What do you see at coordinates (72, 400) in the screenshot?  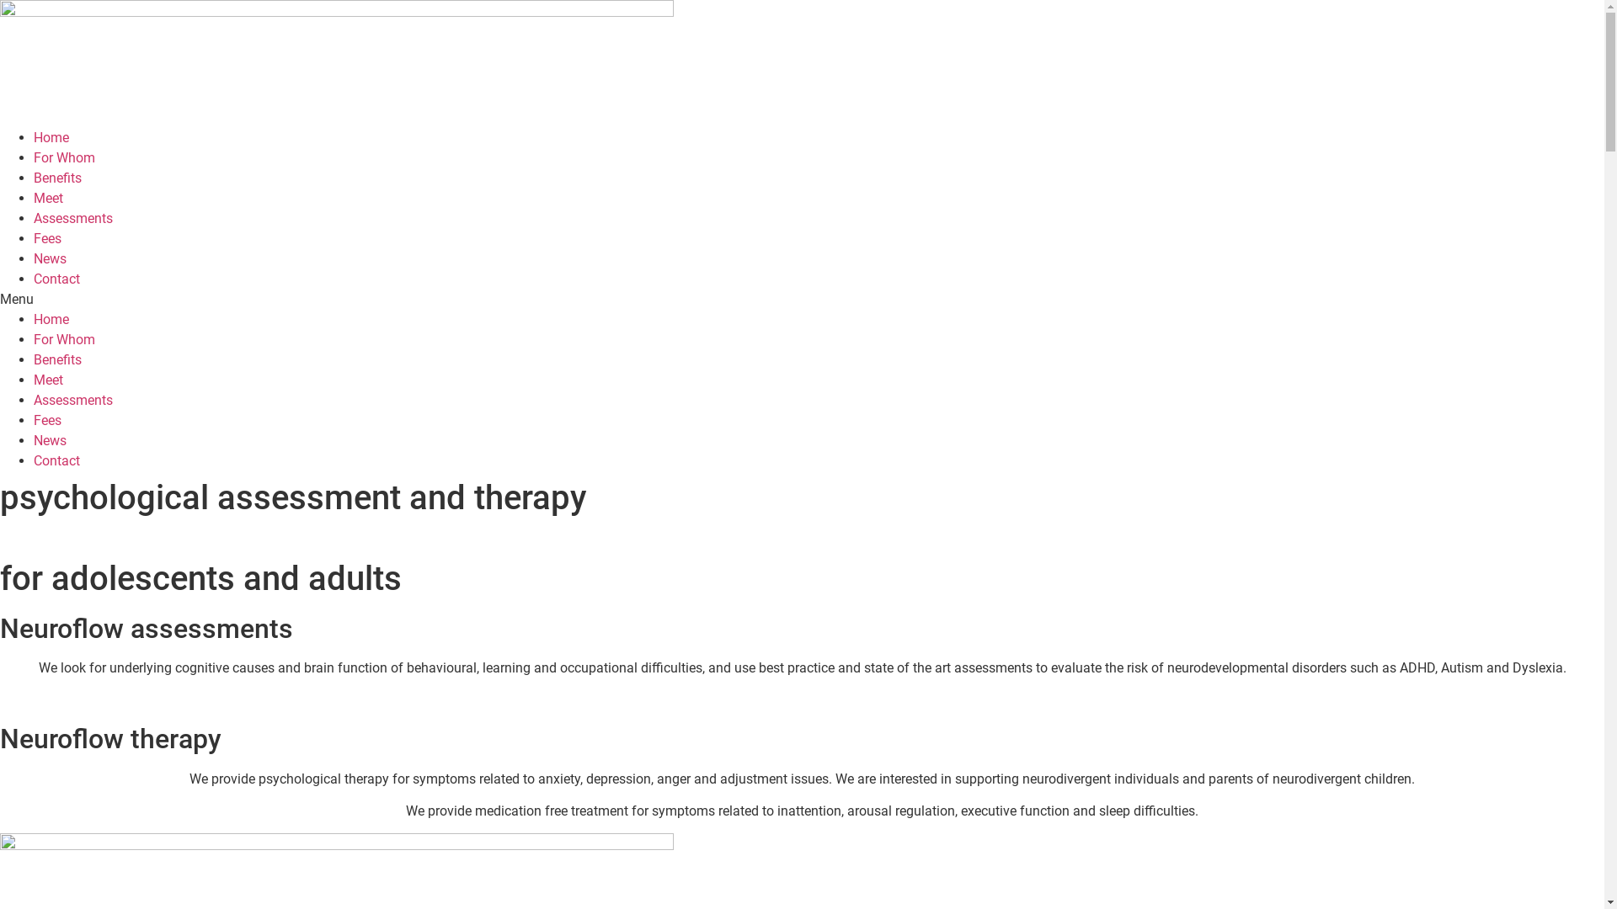 I see `'Assessments'` at bounding box center [72, 400].